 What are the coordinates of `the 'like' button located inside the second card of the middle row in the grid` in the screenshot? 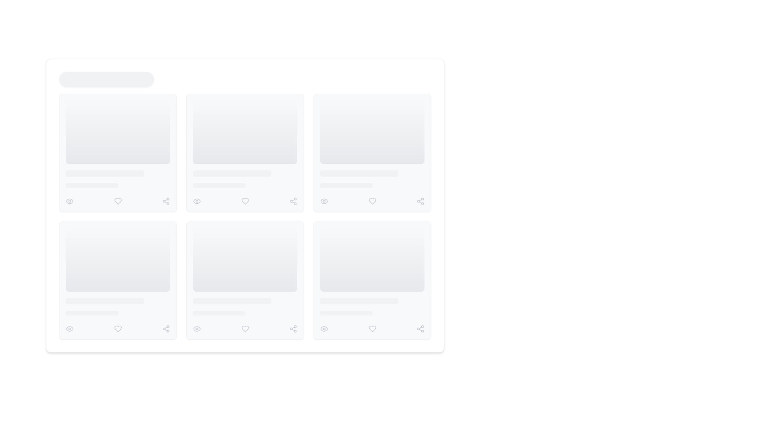 It's located at (245, 201).